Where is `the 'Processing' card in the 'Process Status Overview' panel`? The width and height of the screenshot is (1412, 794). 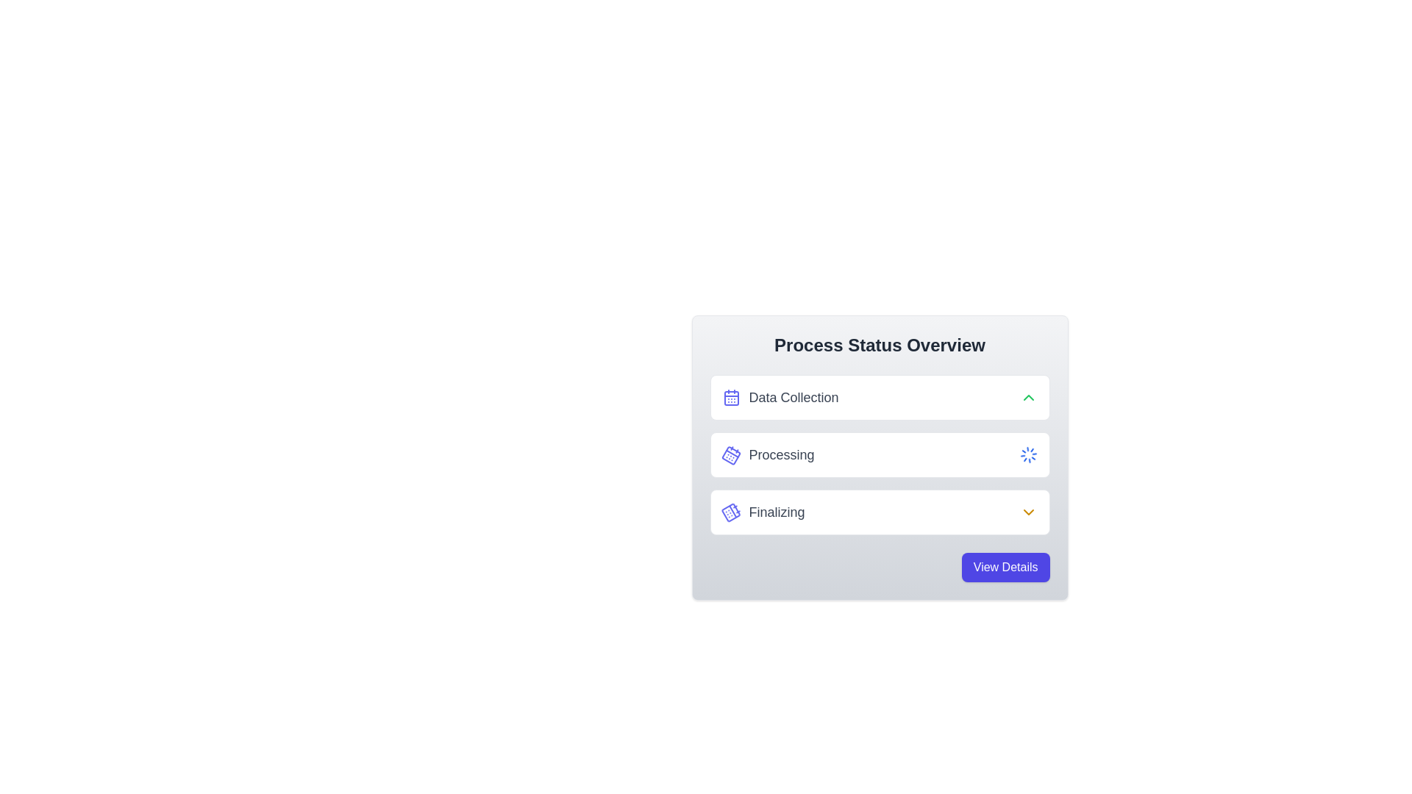 the 'Processing' card in the 'Process Status Overview' panel is located at coordinates (880, 454).